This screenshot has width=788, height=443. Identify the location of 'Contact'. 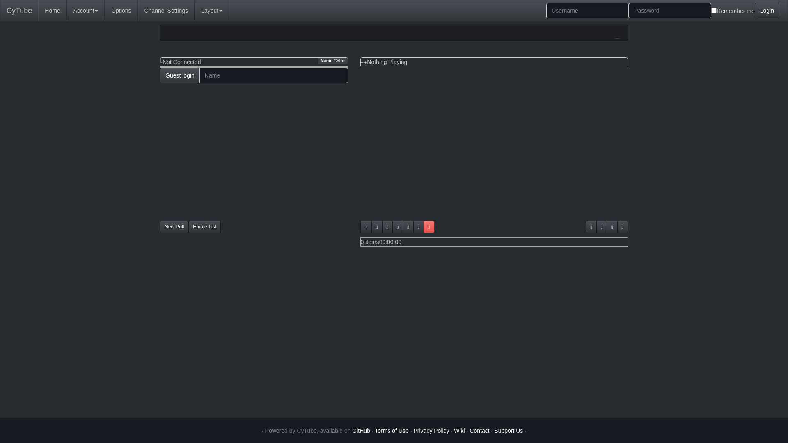
(479, 430).